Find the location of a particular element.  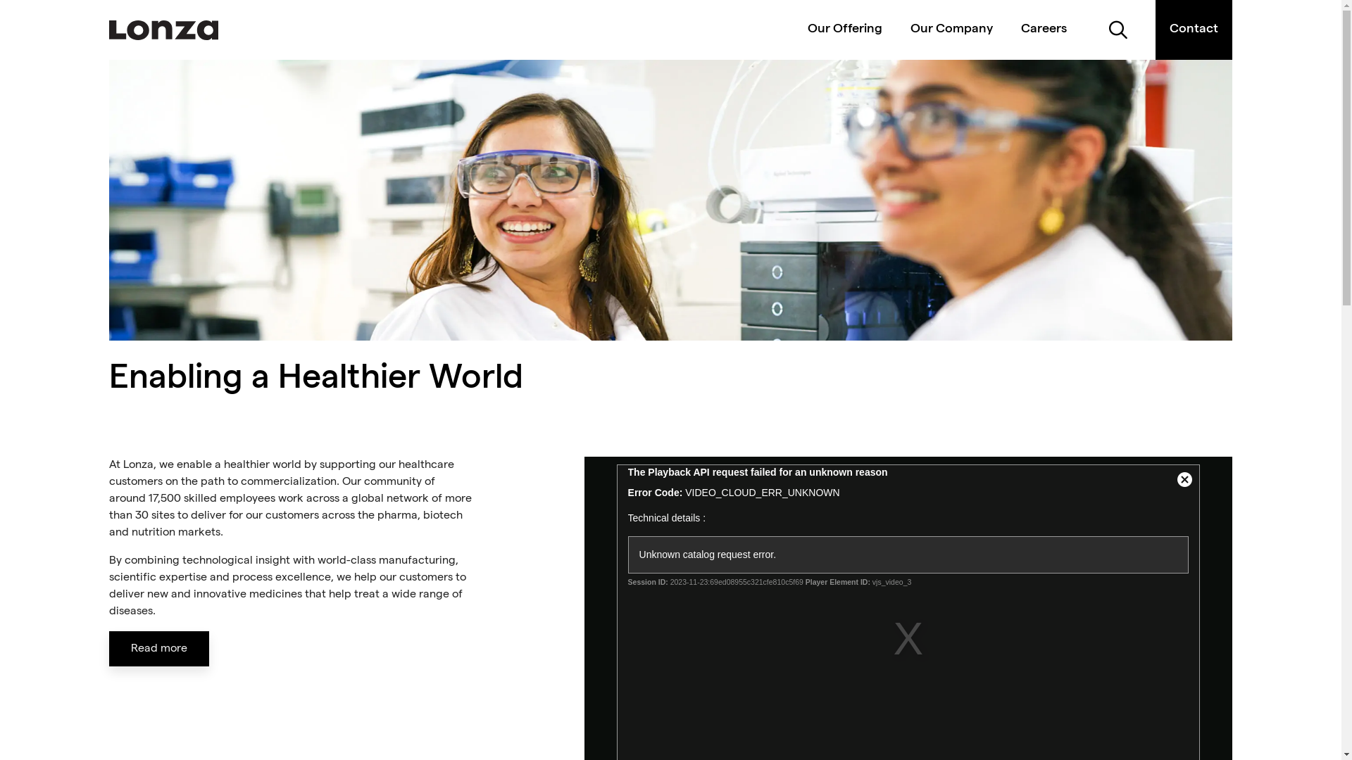

'Read more' is located at coordinates (158, 648).